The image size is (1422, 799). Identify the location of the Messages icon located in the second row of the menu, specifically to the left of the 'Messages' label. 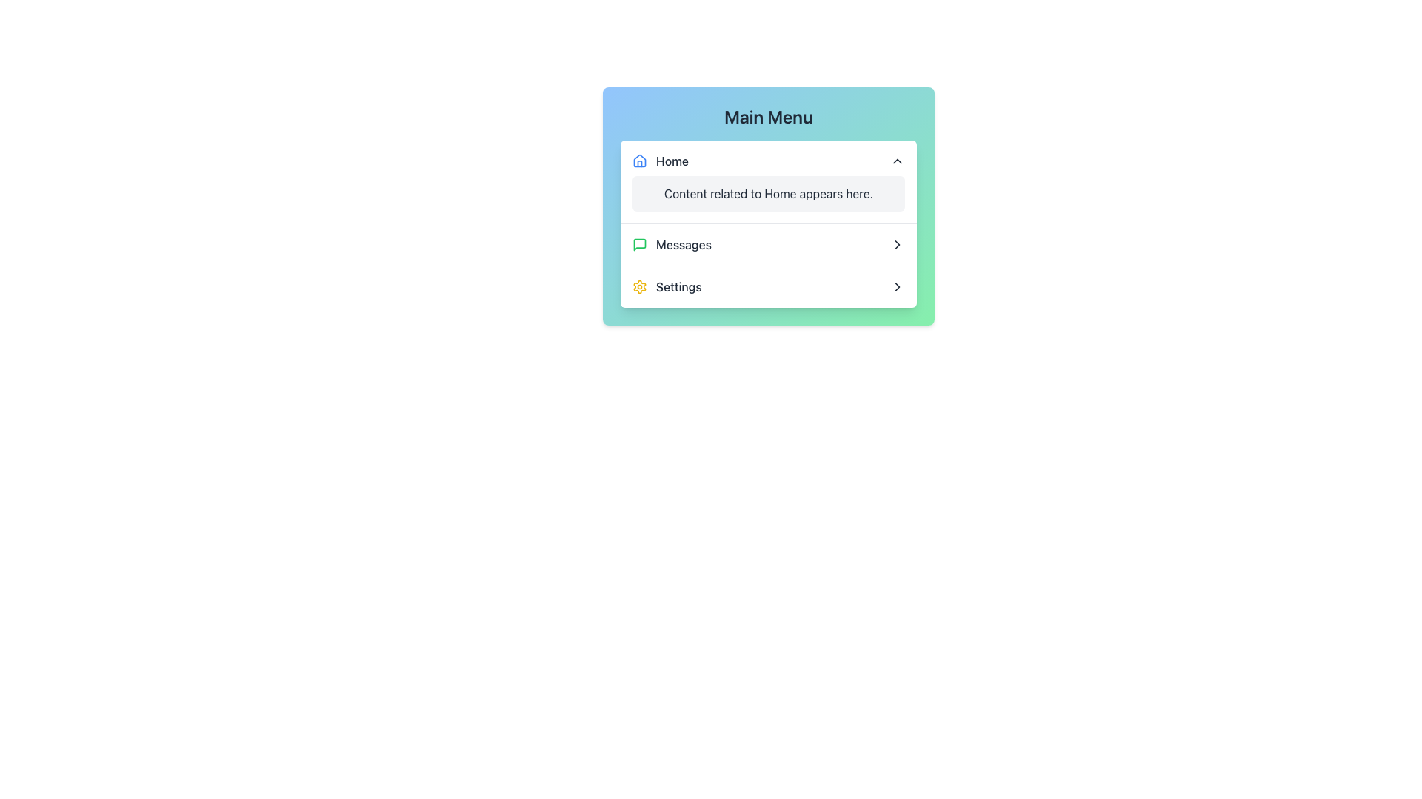
(640, 244).